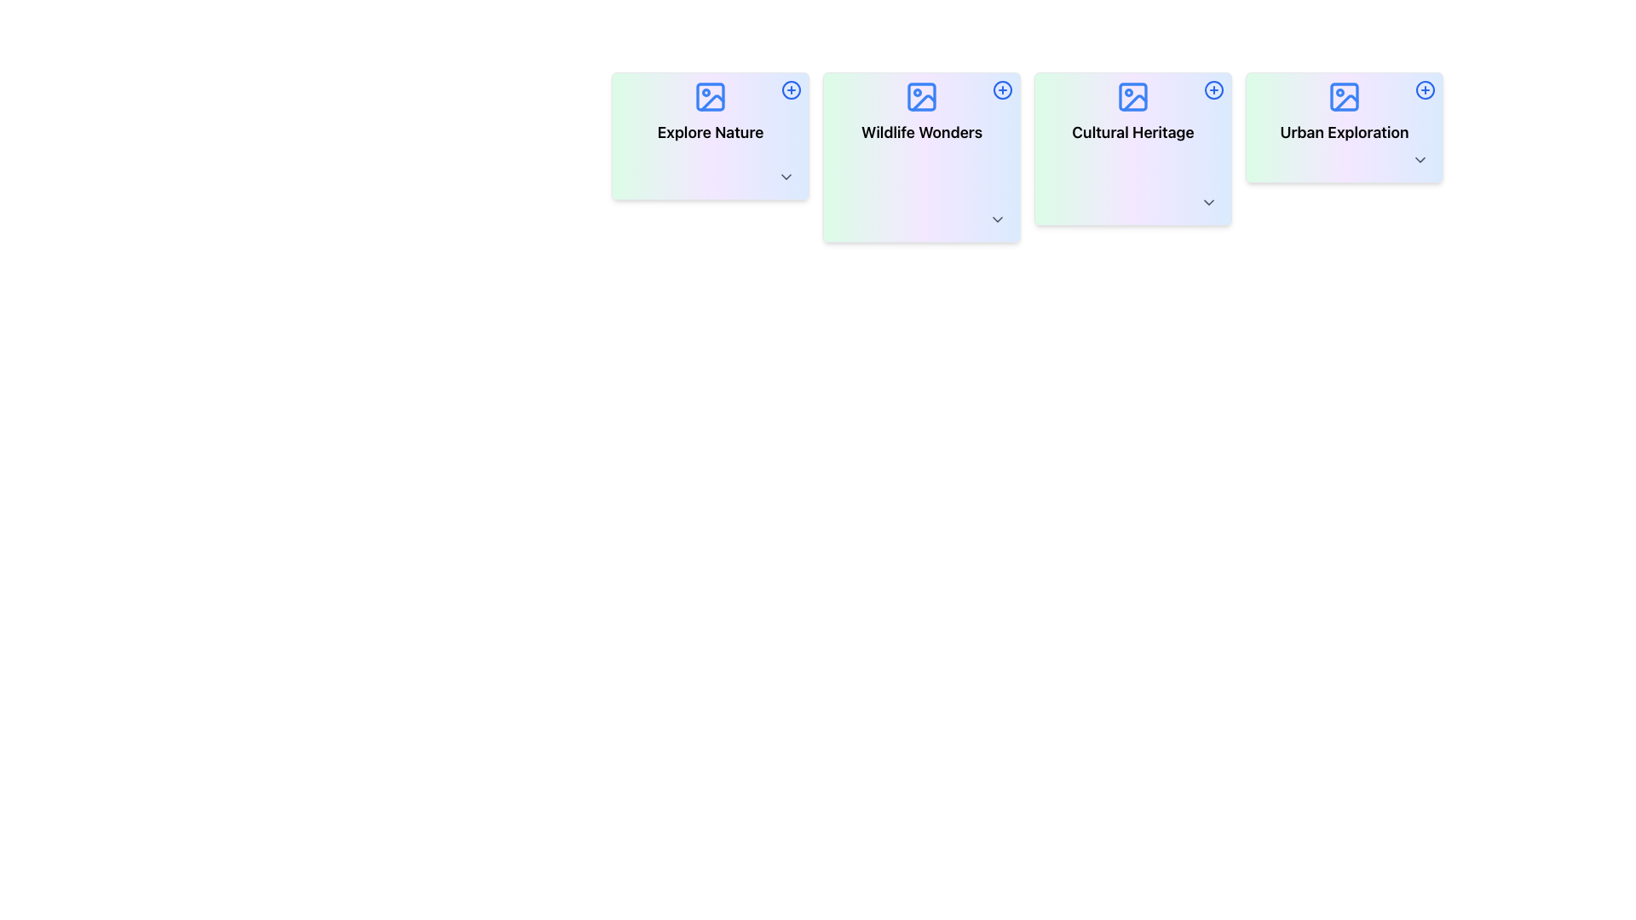 This screenshot has height=920, width=1636. Describe the element at coordinates (791, 89) in the screenshot. I see `the decorative icon located at the center of the circular icon in the top-right corner of the 'Wildlife Wonders' card` at that location.